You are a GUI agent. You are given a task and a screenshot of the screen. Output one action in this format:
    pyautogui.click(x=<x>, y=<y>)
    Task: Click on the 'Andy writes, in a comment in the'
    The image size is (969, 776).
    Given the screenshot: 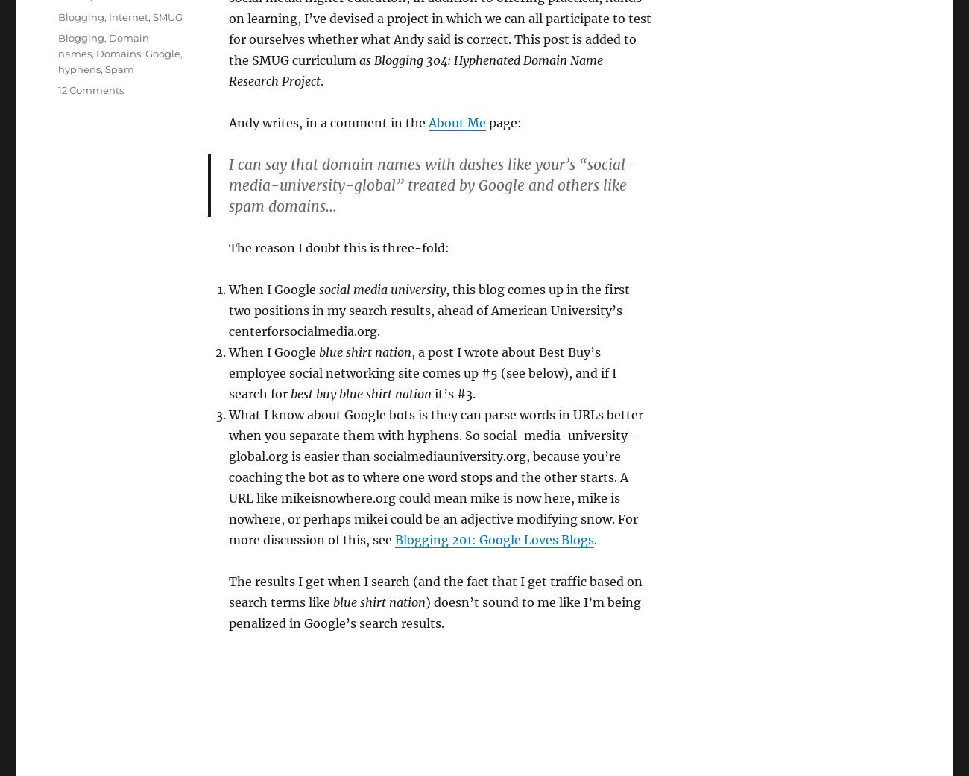 What is the action you would take?
    pyautogui.click(x=228, y=122)
    